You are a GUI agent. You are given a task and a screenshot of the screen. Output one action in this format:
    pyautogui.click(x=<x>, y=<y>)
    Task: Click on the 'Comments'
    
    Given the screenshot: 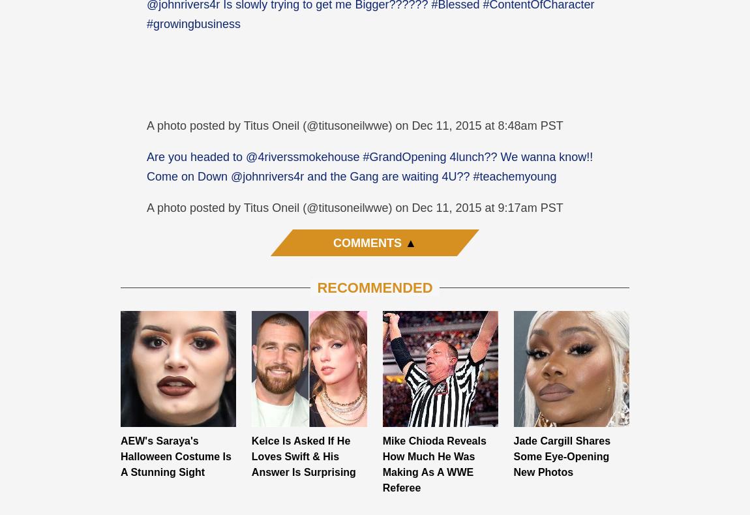 What is the action you would take?
    pyautogui.click(x=367, y=243)
    